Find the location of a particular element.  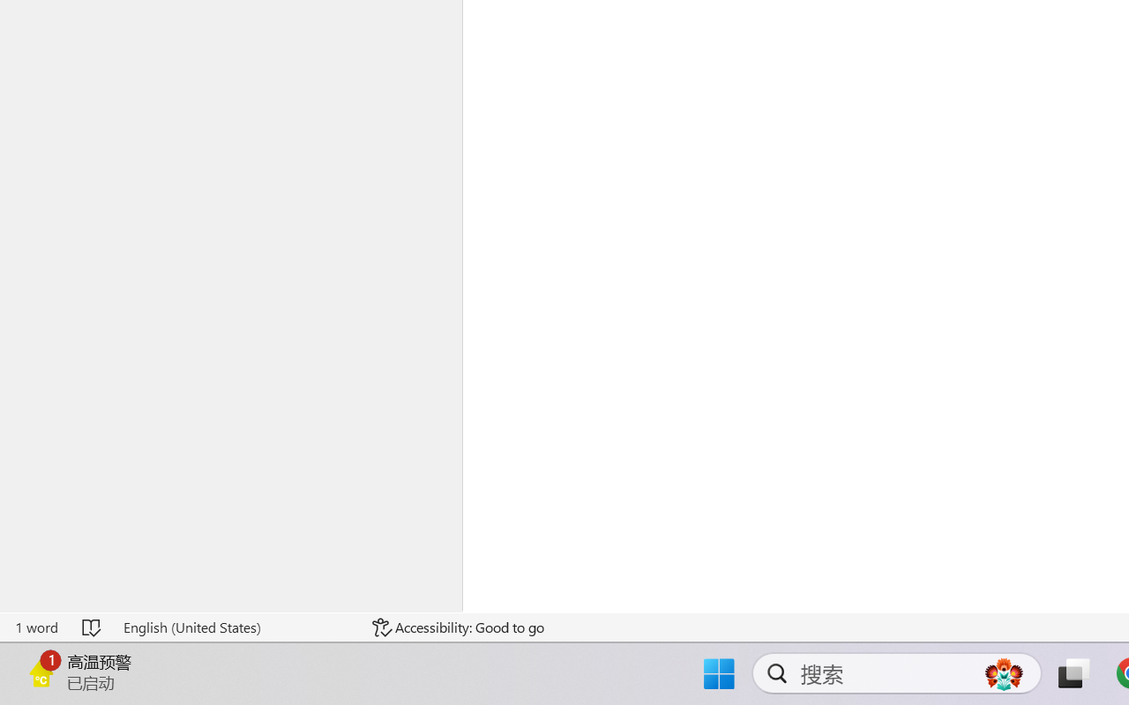

'Accessibility Checker Accessibility: Good to go' is located at coordinates (458, 627).